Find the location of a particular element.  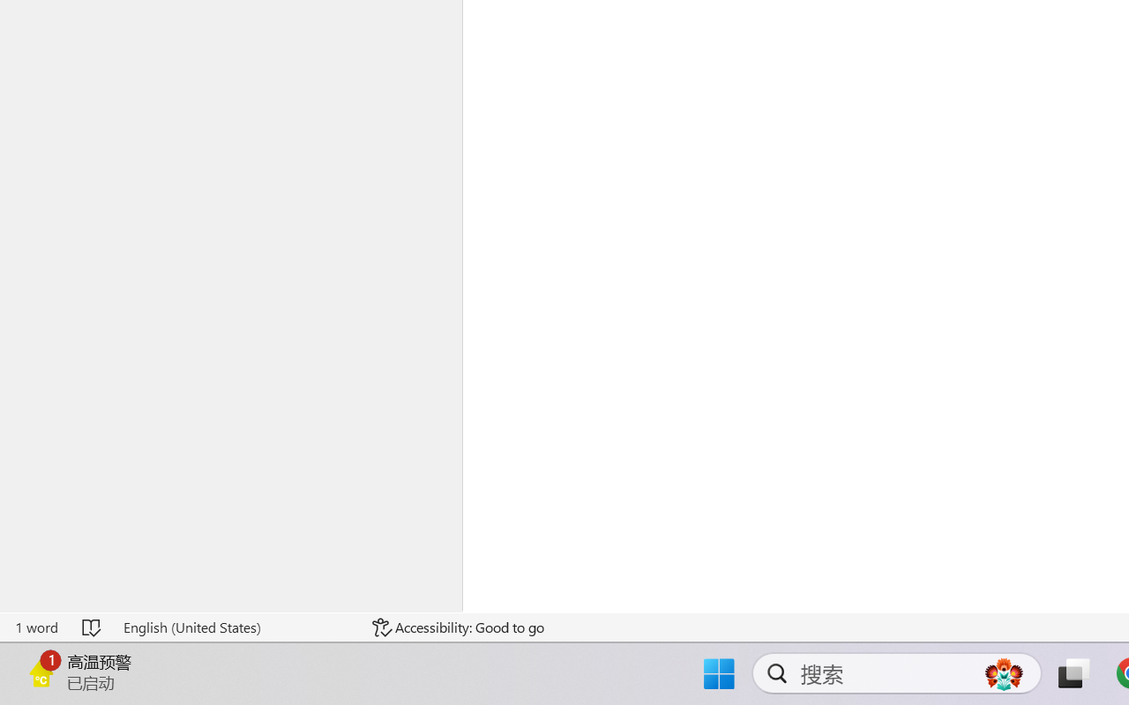

'Accessibility Checker Accessibility: Good to go' is located at coordinates (458, 627).